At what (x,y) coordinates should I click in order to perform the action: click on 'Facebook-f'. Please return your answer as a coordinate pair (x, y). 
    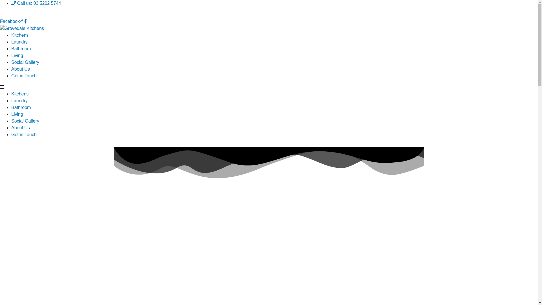
    Looking at the image, I should click on (13, 21).